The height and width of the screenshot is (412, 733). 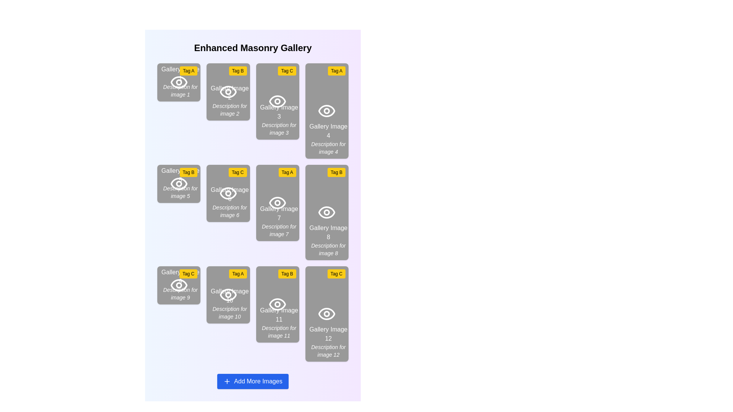 What do you see at coordinates (229, 194) in the screenshot?
I see `the static text label that serves as the title for the sixth card in the gallery layout` at bounding box center [229, 194].